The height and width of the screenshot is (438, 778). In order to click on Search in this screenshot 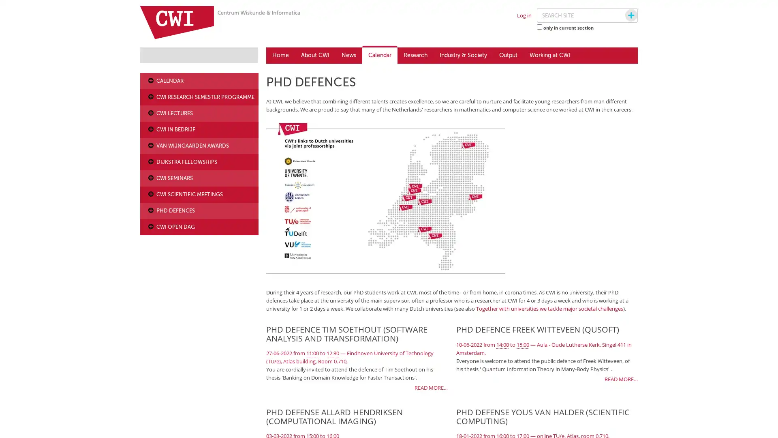, I will do `click(623, 15)`.